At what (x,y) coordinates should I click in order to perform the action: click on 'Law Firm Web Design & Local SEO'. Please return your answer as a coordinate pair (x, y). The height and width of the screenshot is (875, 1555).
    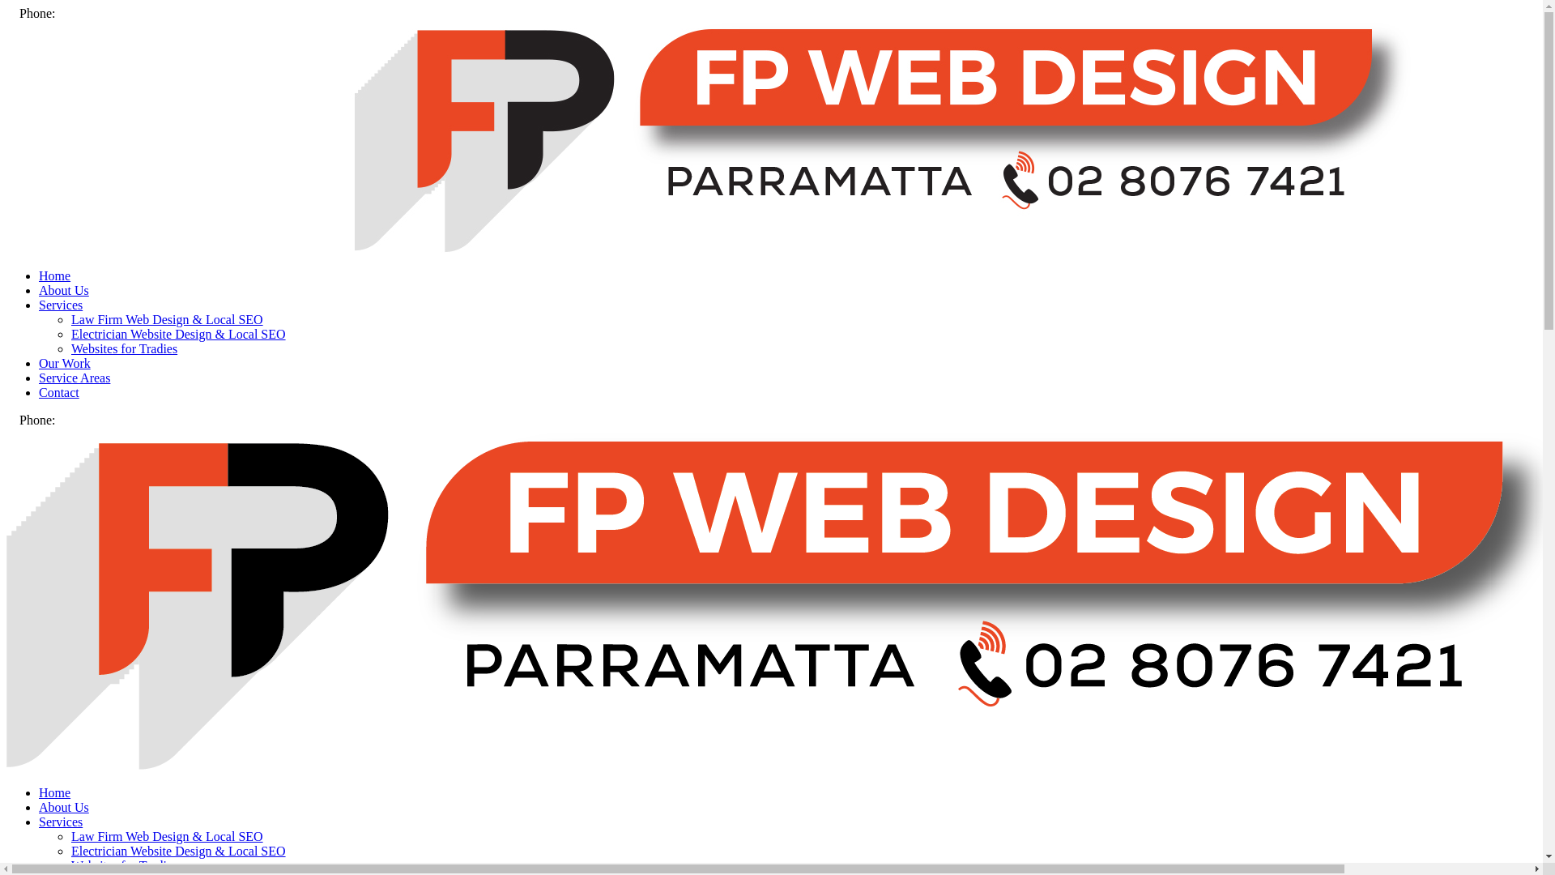
    Looking at the image, I should click on (70, 836).